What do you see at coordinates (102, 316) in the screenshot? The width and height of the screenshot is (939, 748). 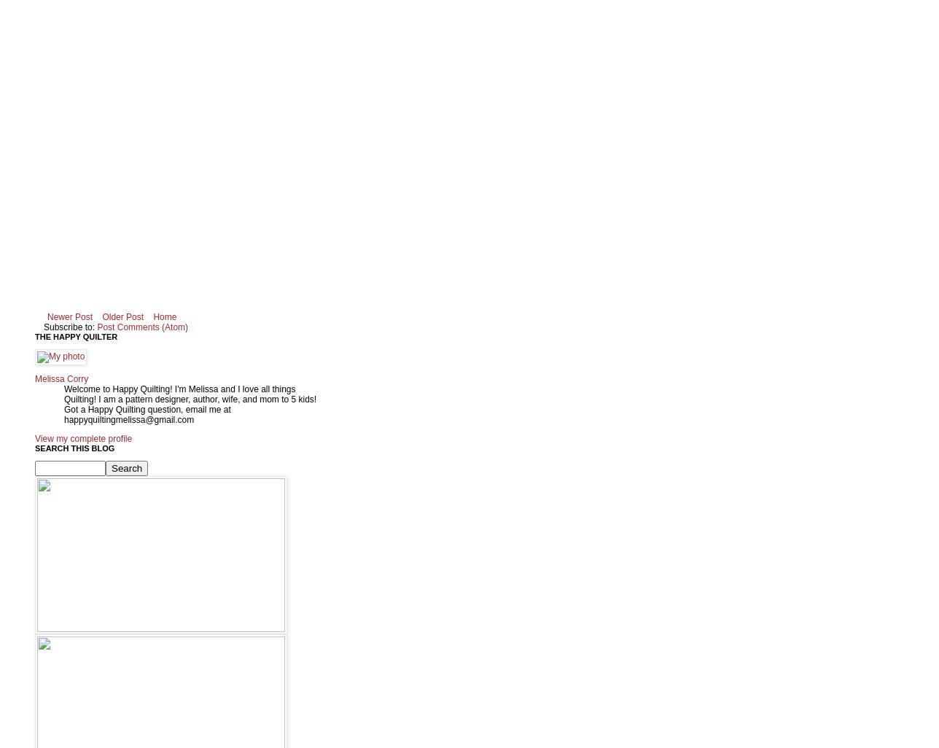 I see `'Older Post'` at bounding box center [102, 316].